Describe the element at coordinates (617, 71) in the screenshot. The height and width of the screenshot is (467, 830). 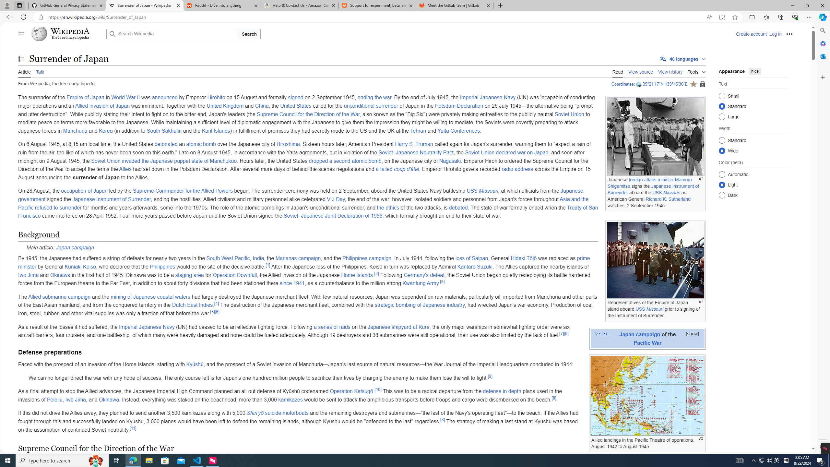
I see `'Read'` at that location.